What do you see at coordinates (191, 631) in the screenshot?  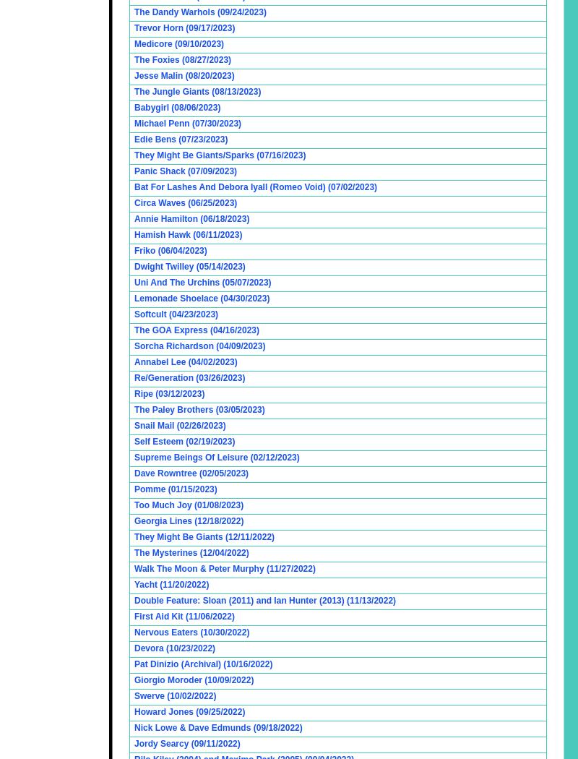 I see `'Nervous Eaters (10/30/2022)'` at bounding box center [191, 631].